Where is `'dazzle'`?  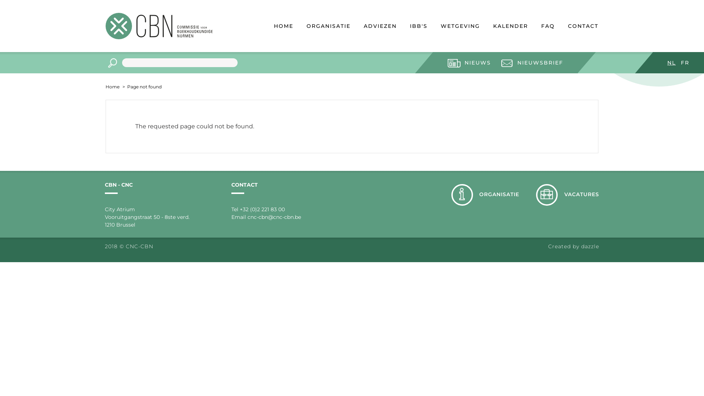
'dazzle' is located at coordinates (590, 246).